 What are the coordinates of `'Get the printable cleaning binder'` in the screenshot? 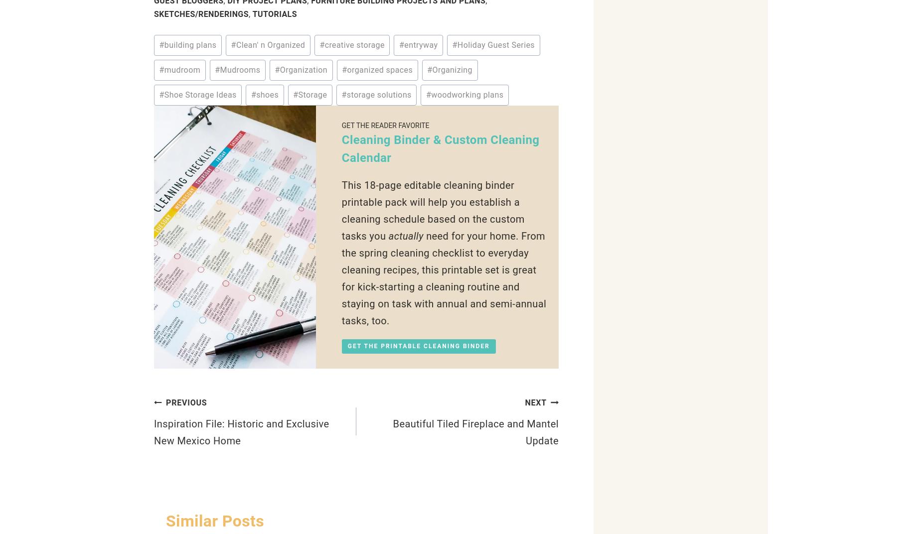 It's located at (418, 345).